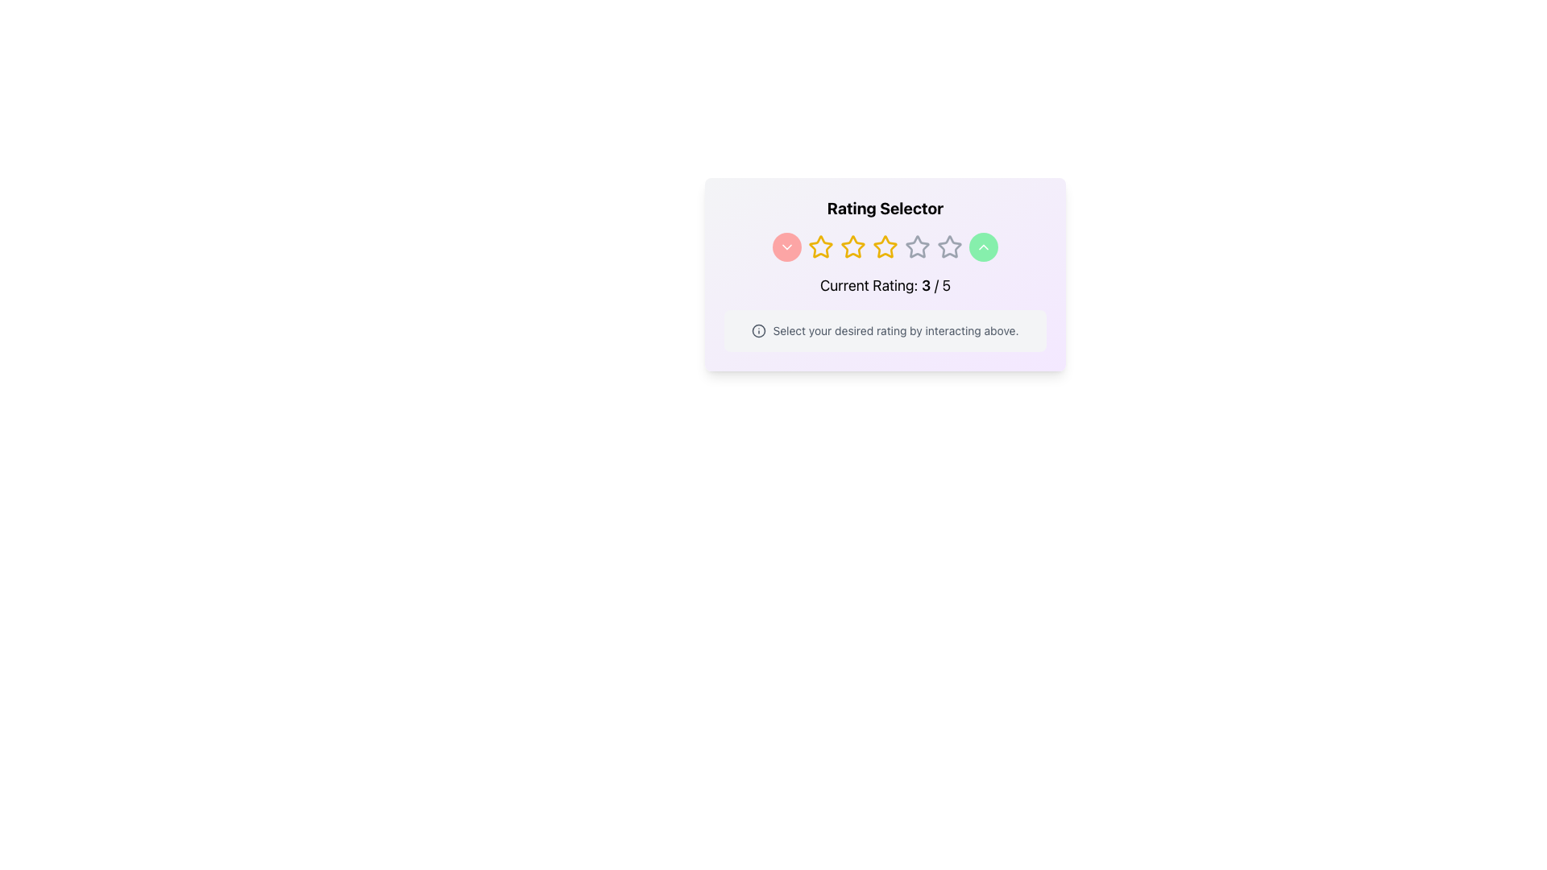 The height and width of the screenshot is (870, 1547). What do you see at coordinates (982, 247) in the screenshot?
I see `the button located at the far right of a group of interactive items, which is used to increment a value or change a state` at bounding box center [982, 247].